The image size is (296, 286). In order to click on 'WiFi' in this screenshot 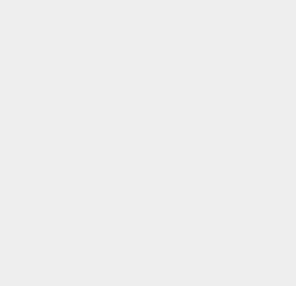, I will do `click(213, 245)`.